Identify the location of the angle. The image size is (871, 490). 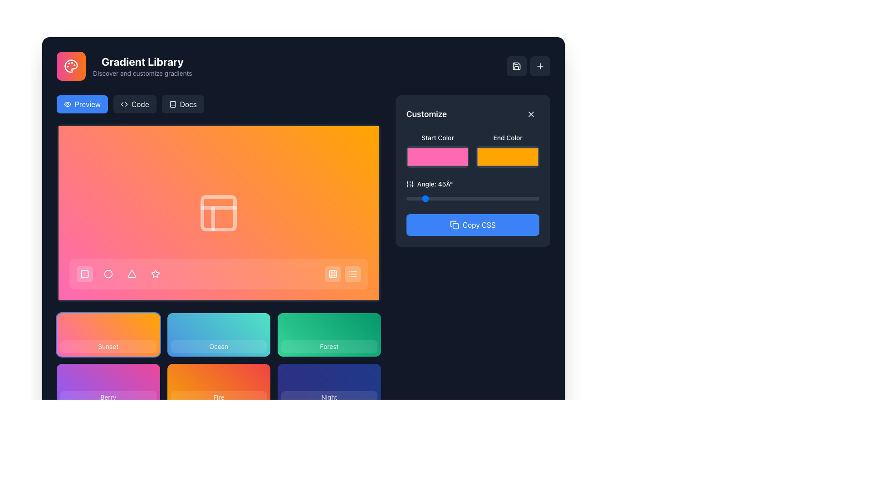
(437, 198).